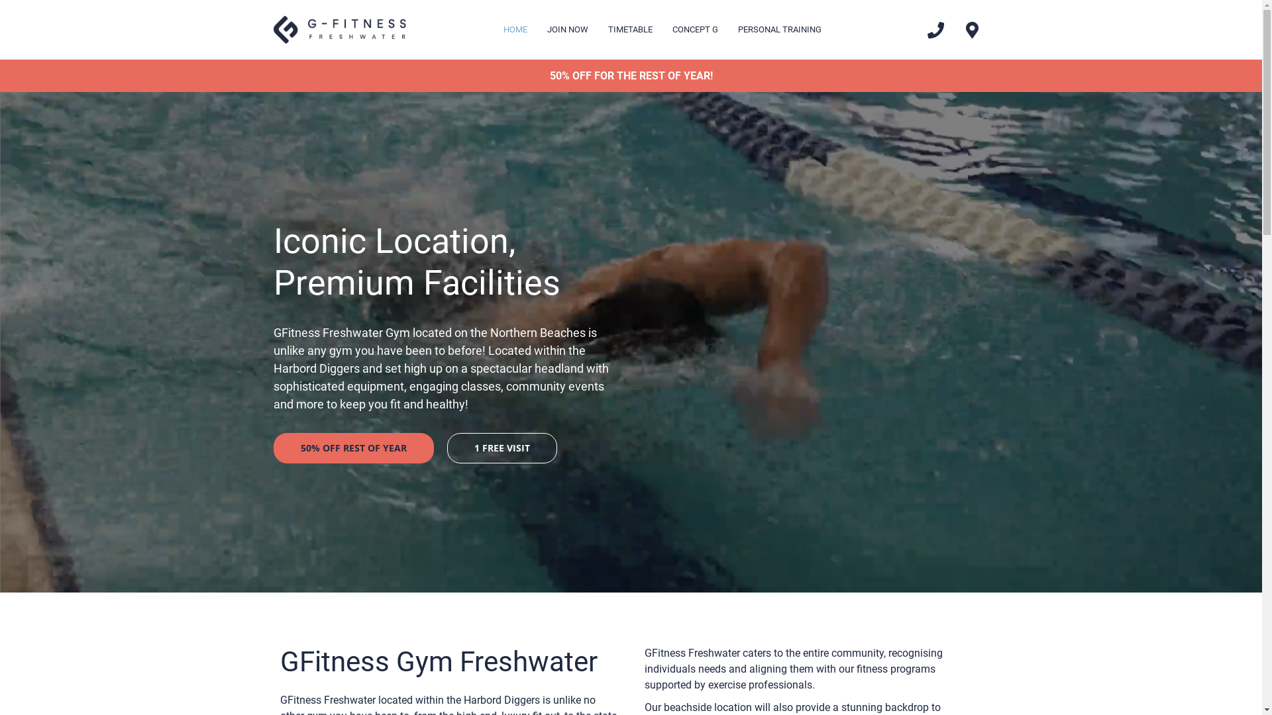 The image size is (1272, 715). Describe the element at coordinates (514, 30) in the screenshot. I see `'HOME'` at that location.